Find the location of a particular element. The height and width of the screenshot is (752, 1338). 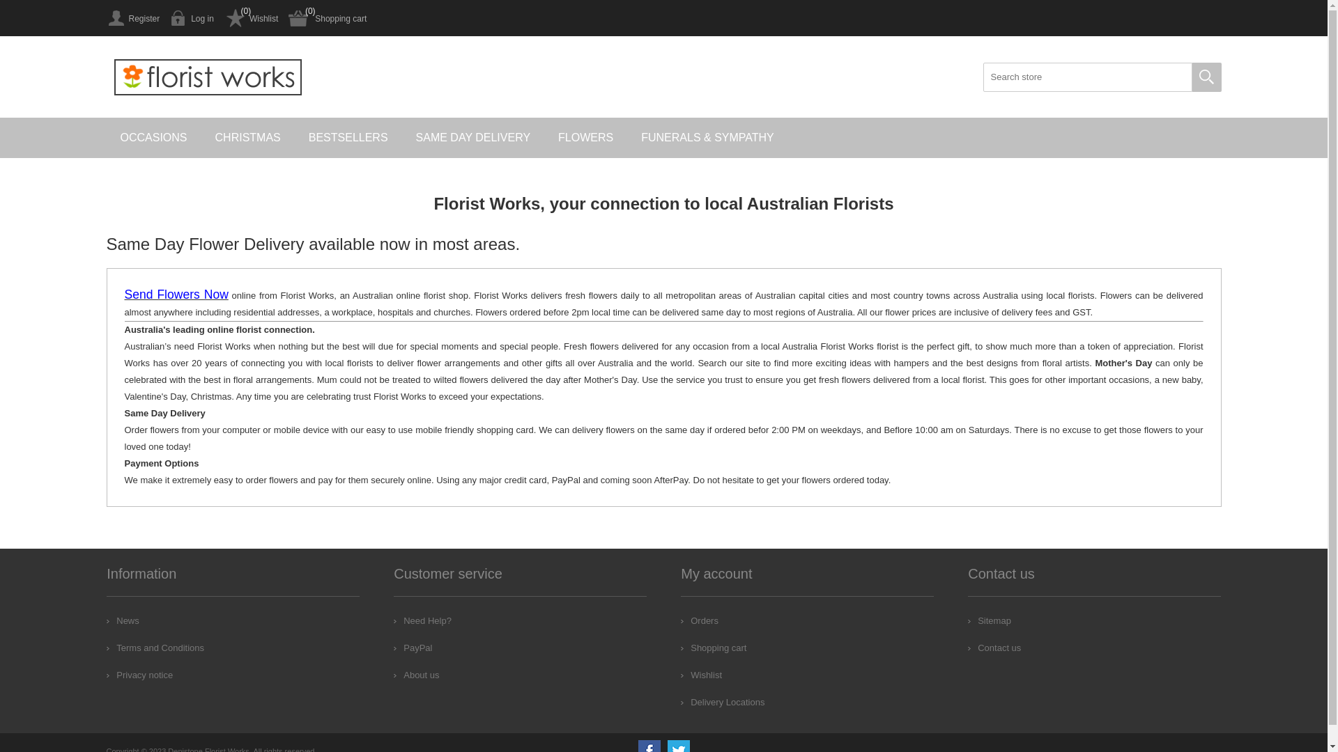

'News' is located at coordinates (123, 620).